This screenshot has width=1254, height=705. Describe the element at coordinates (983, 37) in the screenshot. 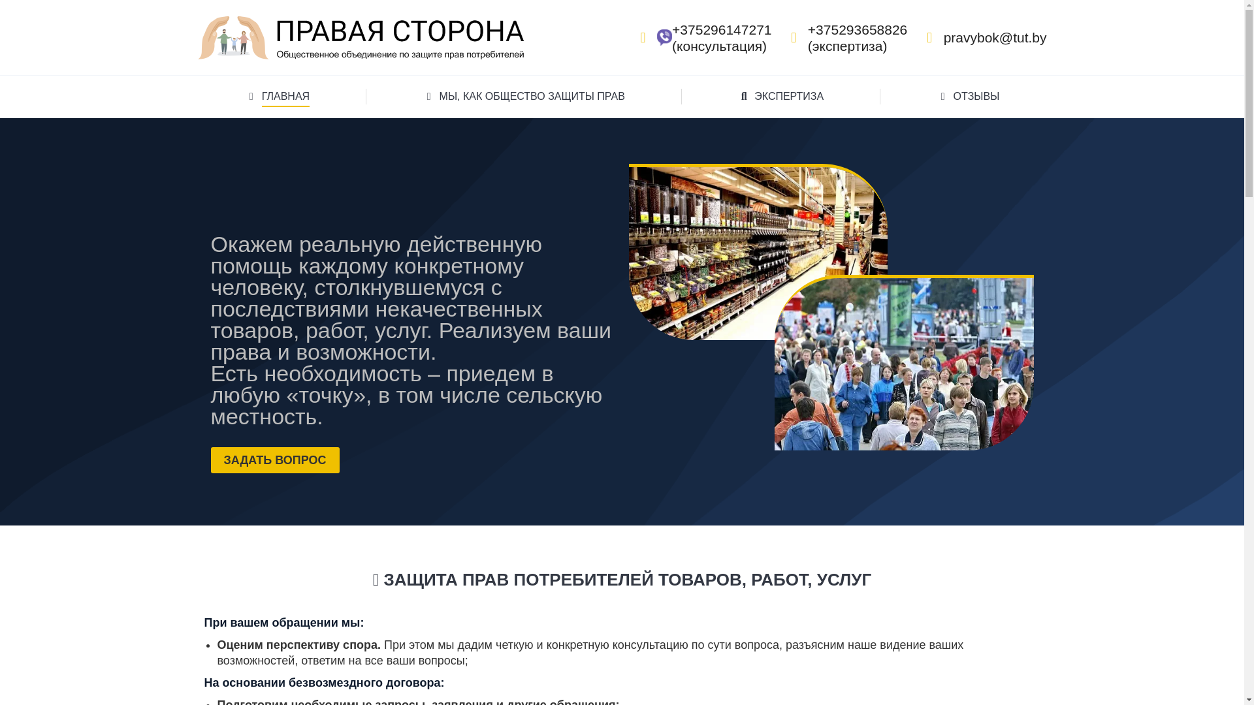

I see `'pravybok@tut.by'` at that location.